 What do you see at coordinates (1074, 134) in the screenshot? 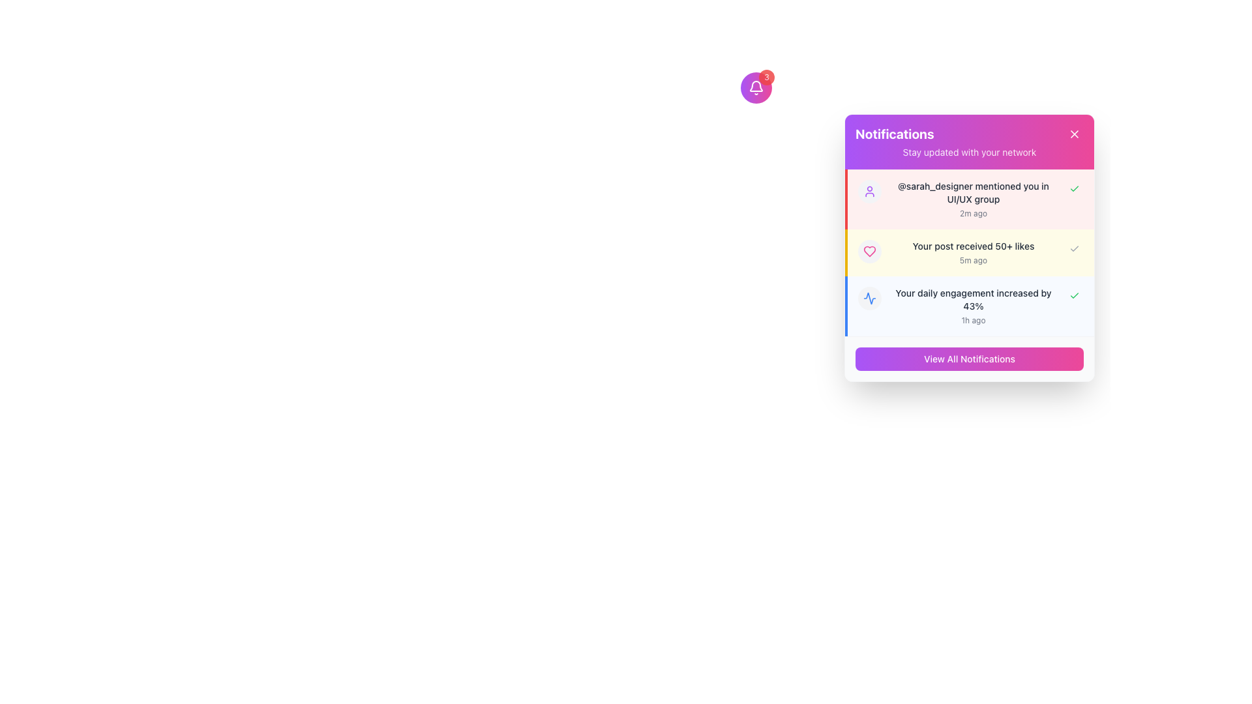
I see `the visual state of the 'X' icon part of the close button in the top-right corner of the notification panel` at bounding box center [1074, 134].